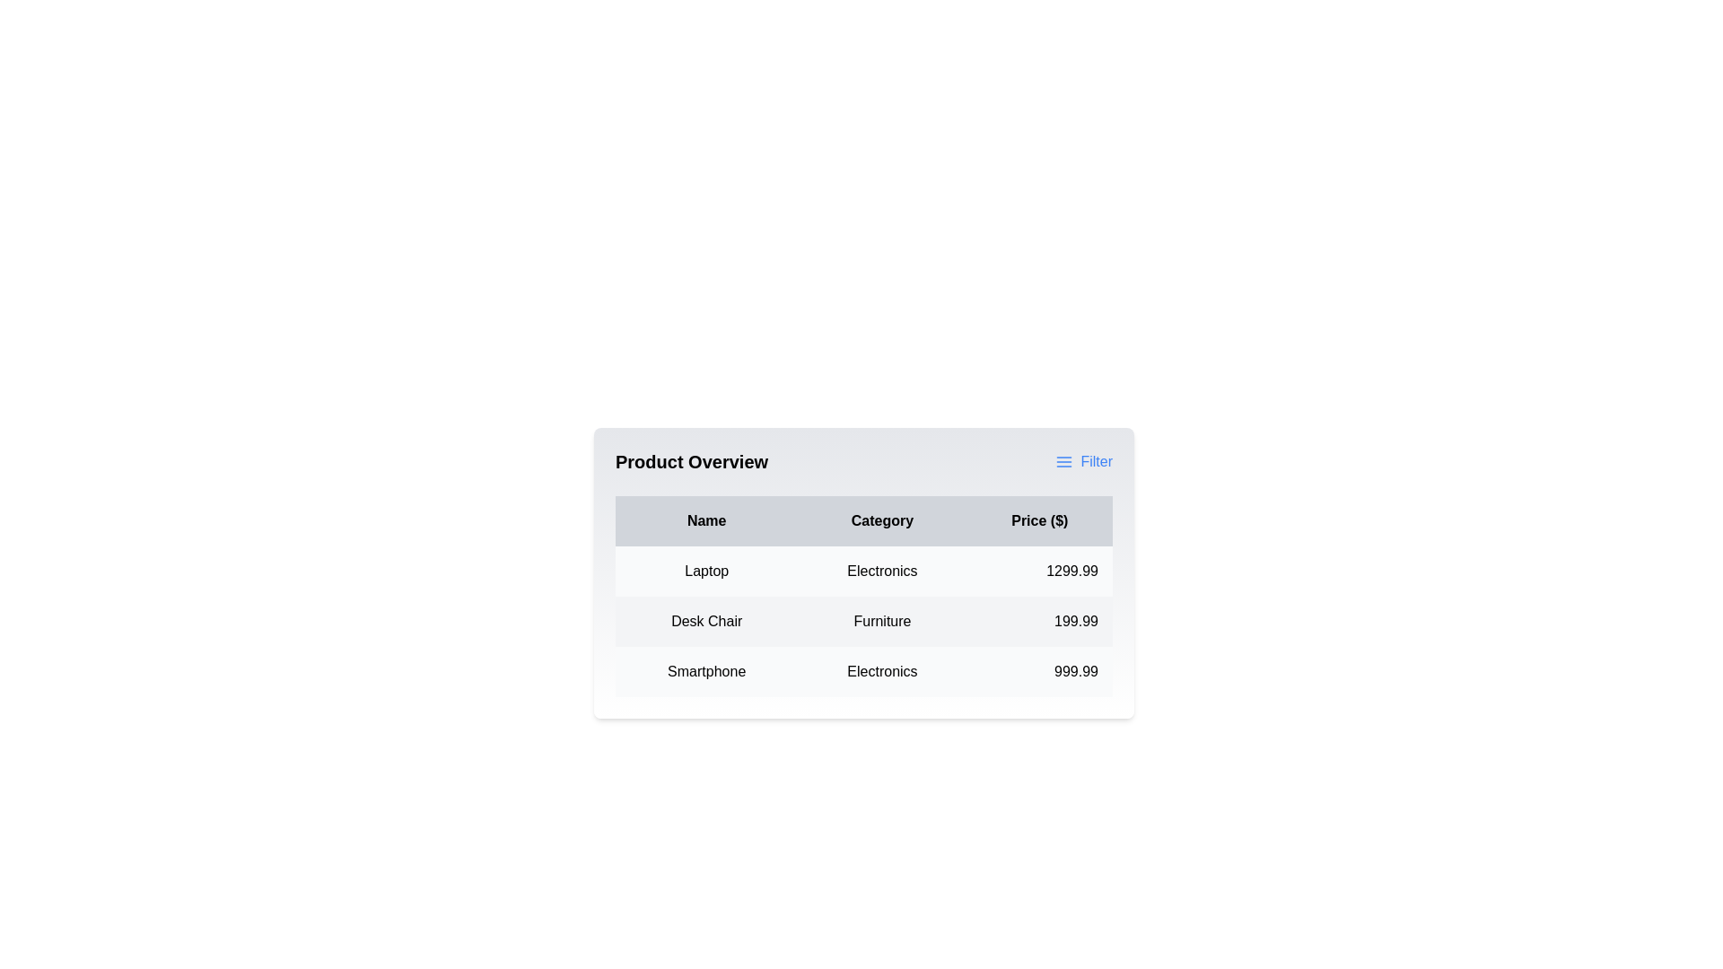 This screenshot has height=969, width=1723. What do you see at coordinates (1064, 461) in the screenshot?
I see `the filtering options icon located to the left of the 'Filter' button in the top-right corner of the data table interface` at bounding box center [1064, 461].